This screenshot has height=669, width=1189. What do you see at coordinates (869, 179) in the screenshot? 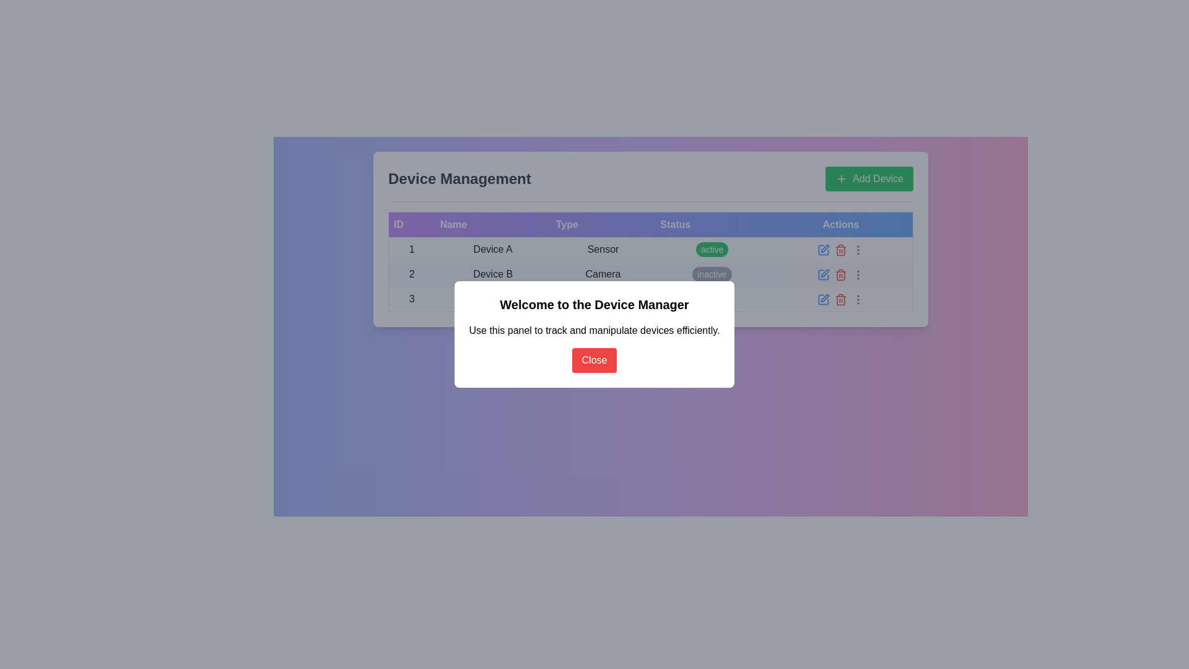
I see `the 'Add Device' button located in the top-right corner of the 'Device Management' header section` at bounding box center [869, 179].